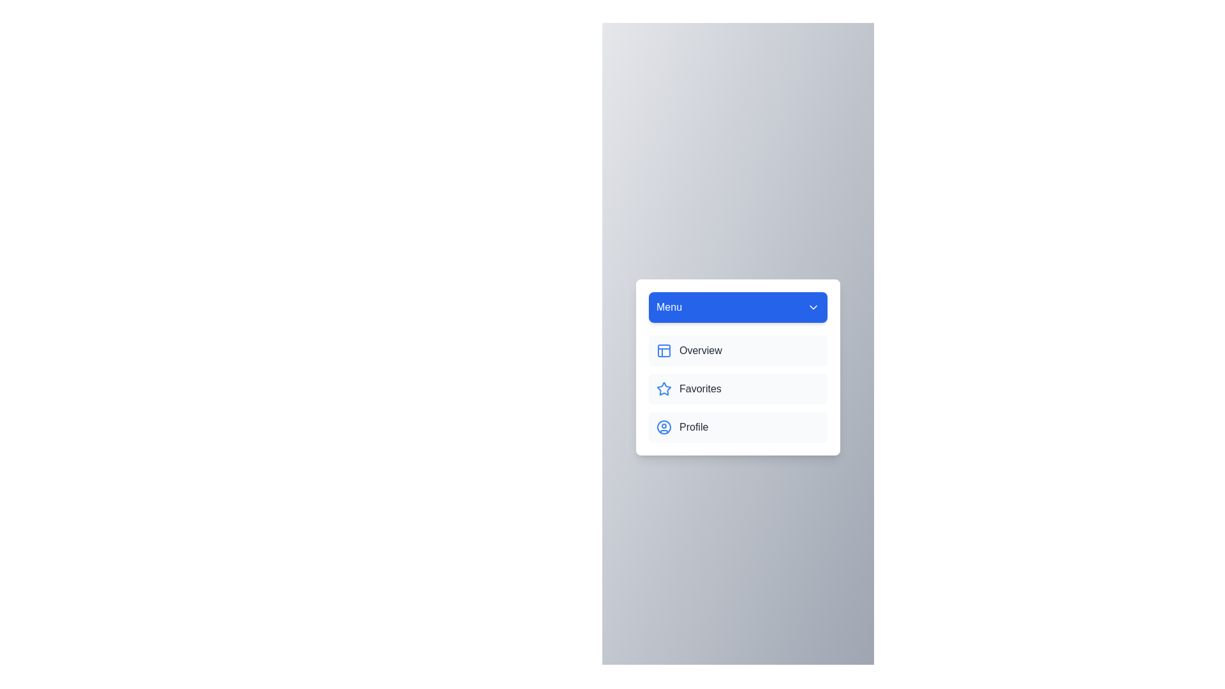  What do you see at coordinates (664, 351) in the screenshot?
I see `the icon of the Overview option in the menu` at bounding box center [664, 351].